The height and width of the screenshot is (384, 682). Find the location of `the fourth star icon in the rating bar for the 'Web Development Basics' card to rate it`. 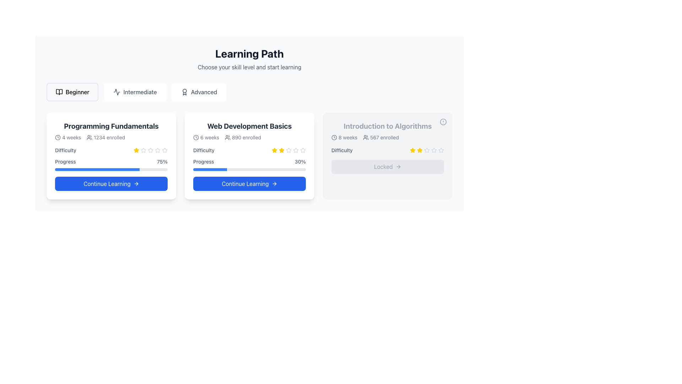

the fourth star icon in the rating bar for the 'Web Development Basics' card to rate it is located at coordinates (288, 150).